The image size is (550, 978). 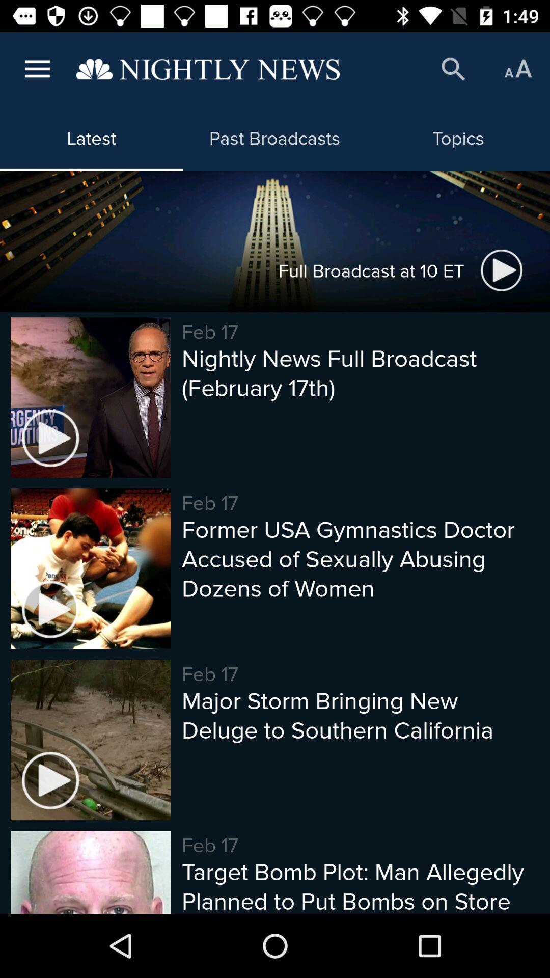 I want to click on site headline, so click(x=207, y=69).